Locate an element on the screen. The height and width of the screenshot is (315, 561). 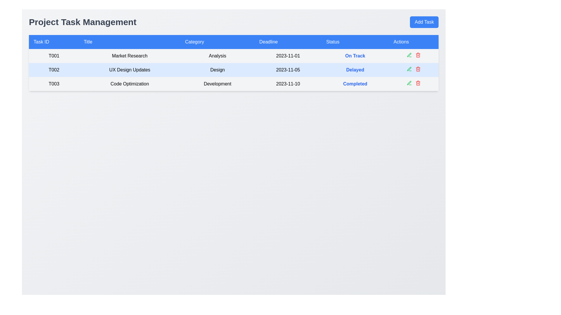
the red trash can icon button in the 'Actions' column of the second row in the 'Project Task Management' tabular layout is located at coordinates (418, 55).